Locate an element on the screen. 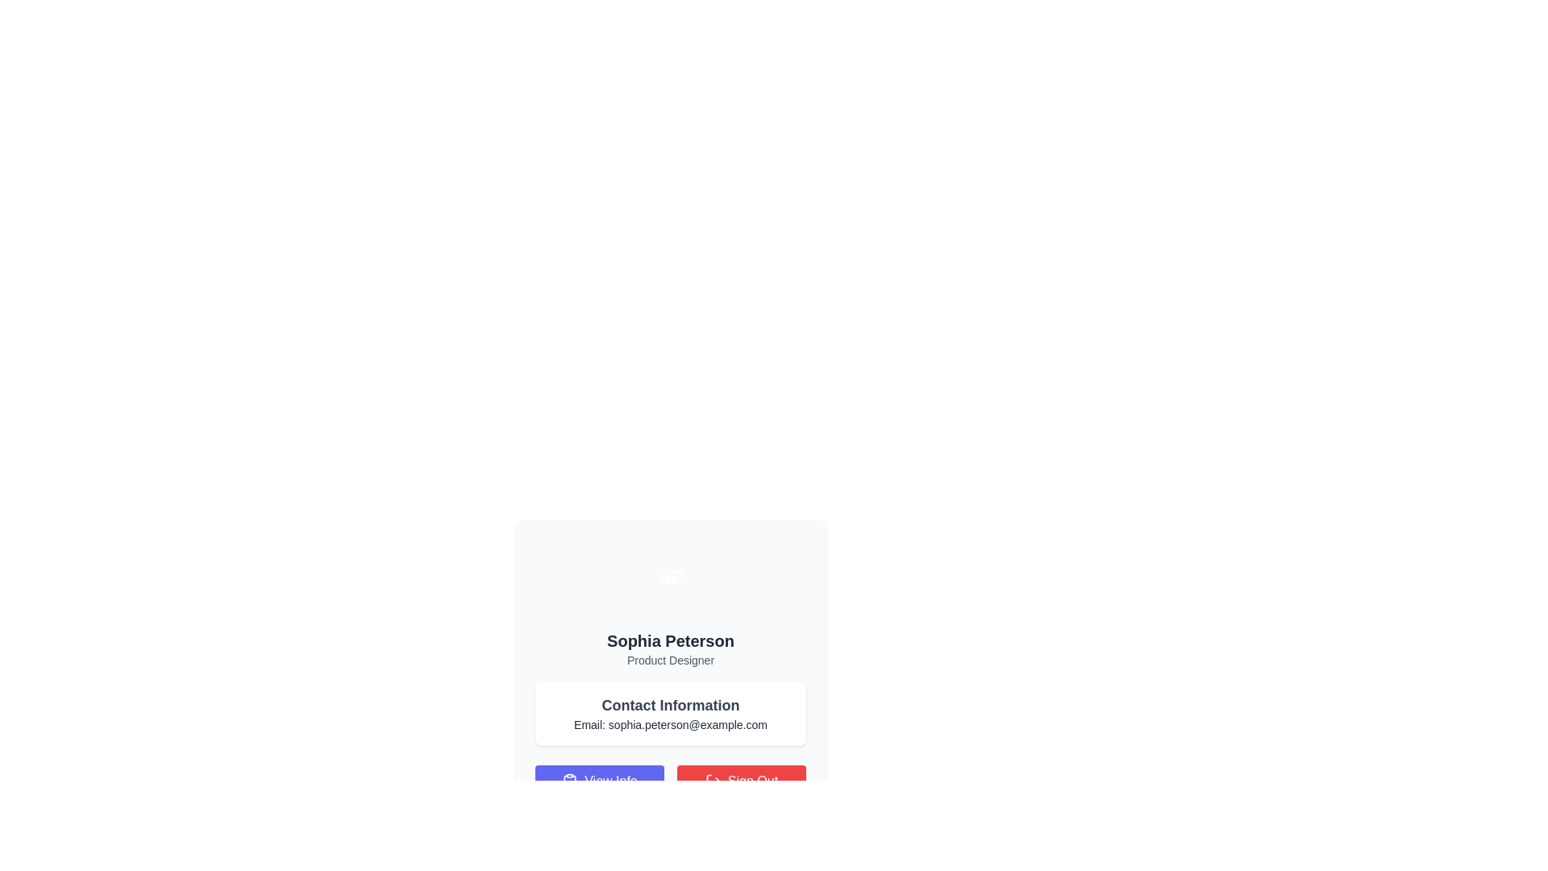 This screenshot has width=1548, height=871. the text label that reads 'Email: sophia.peterson@example.com', which is located below 'Contact Information' in a white card with rounded corners is located at coordinates (670, 723).